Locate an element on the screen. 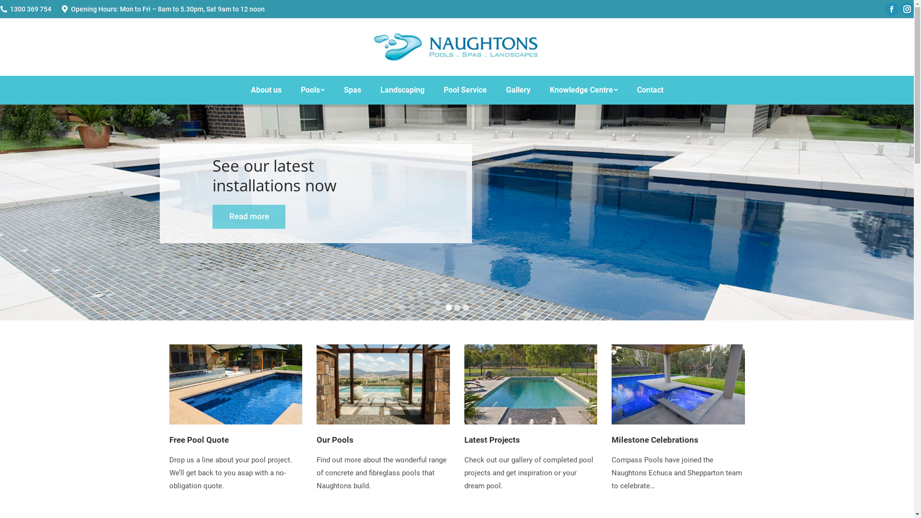  'Contact' is located at coordinates (650, 90).